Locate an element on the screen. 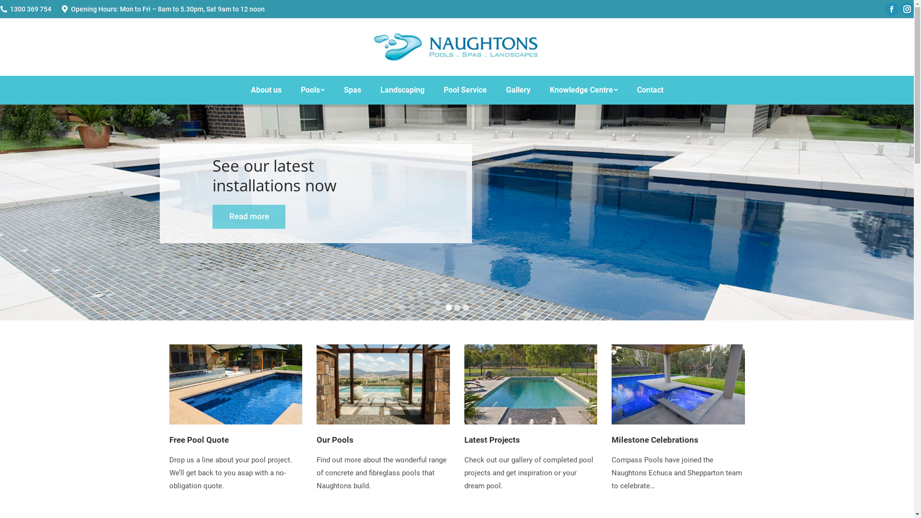  'Contact' is located at coordinates (650, 90).